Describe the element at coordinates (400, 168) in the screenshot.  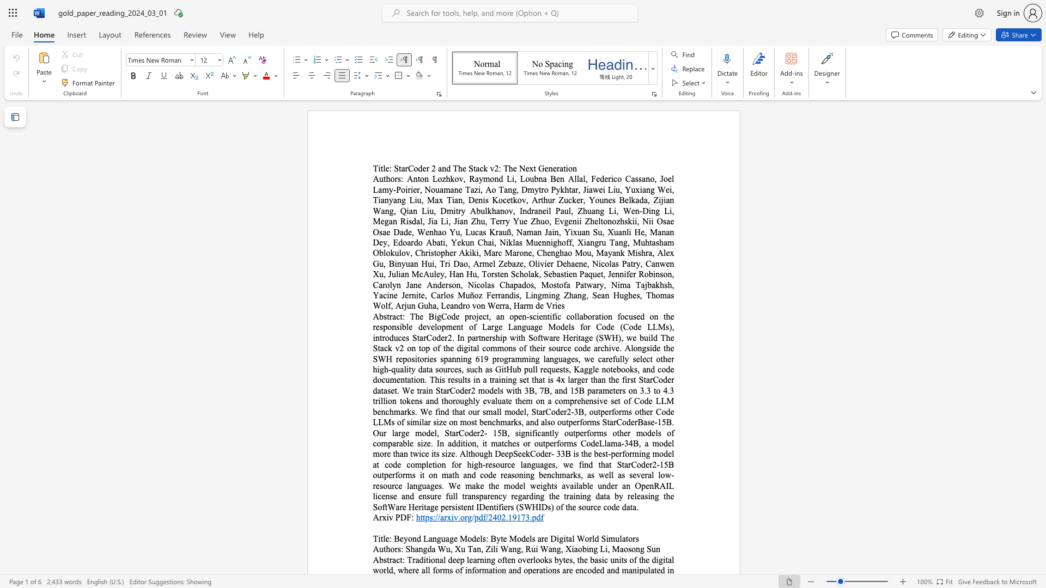
I see `the subset text "arCoder 2 and The Stack v2: The Next Gen" within the text "StarCoder 2 and The Stack v2: The Next Generation"` at that location.